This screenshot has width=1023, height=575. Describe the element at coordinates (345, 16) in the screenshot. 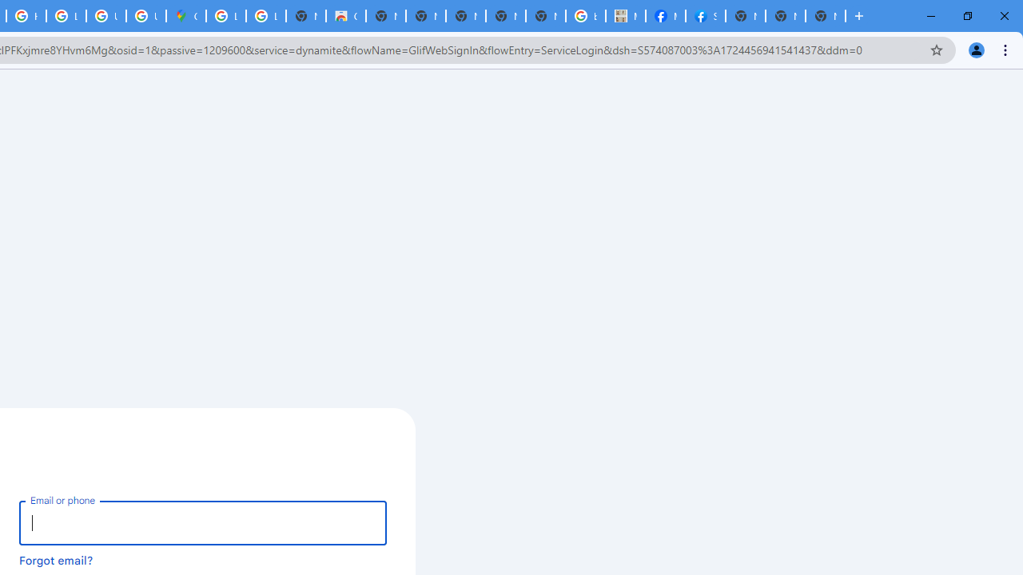

I see `'Chrome Web Store'` at that location.